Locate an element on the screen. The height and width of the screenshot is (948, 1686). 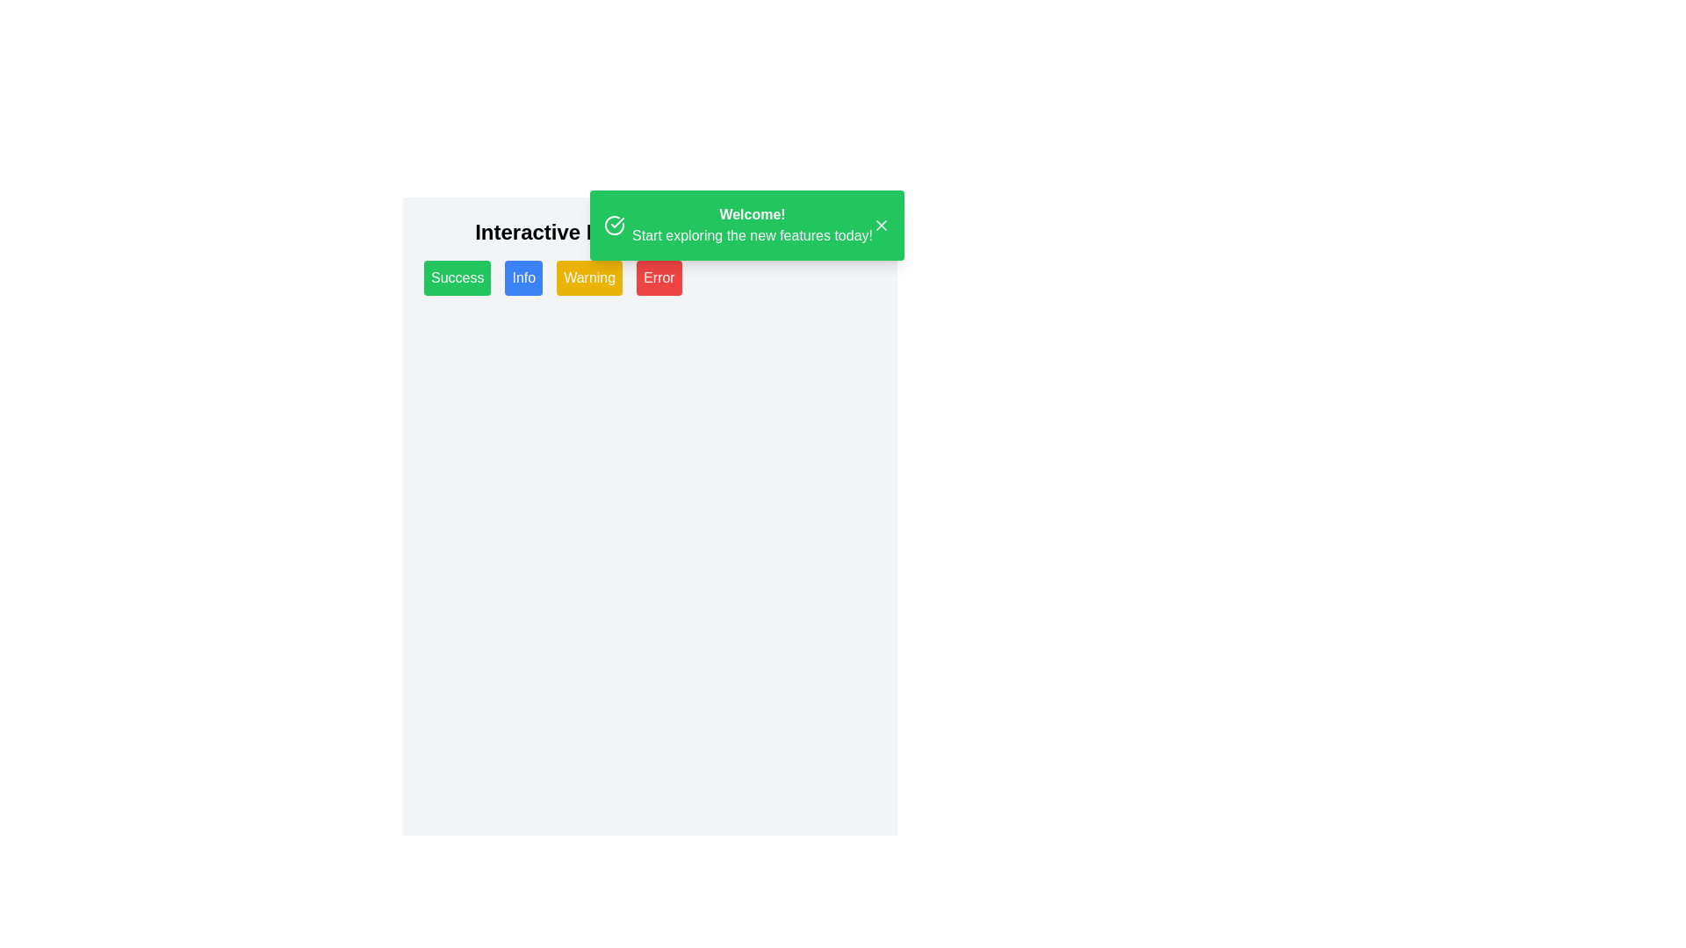
the informational button located between the 'Success' button and the 'Warning' button in the top-left group of buttons is located at coordinates (522, 276).